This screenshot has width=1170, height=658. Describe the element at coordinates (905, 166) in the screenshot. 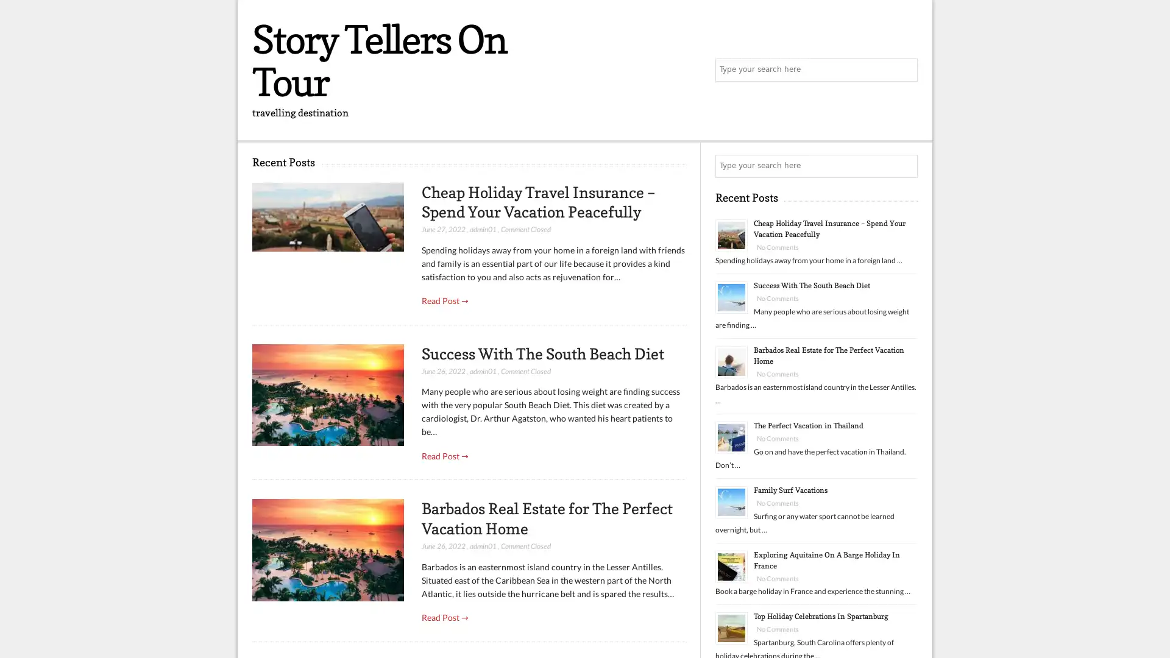

I see `Search` at that location.